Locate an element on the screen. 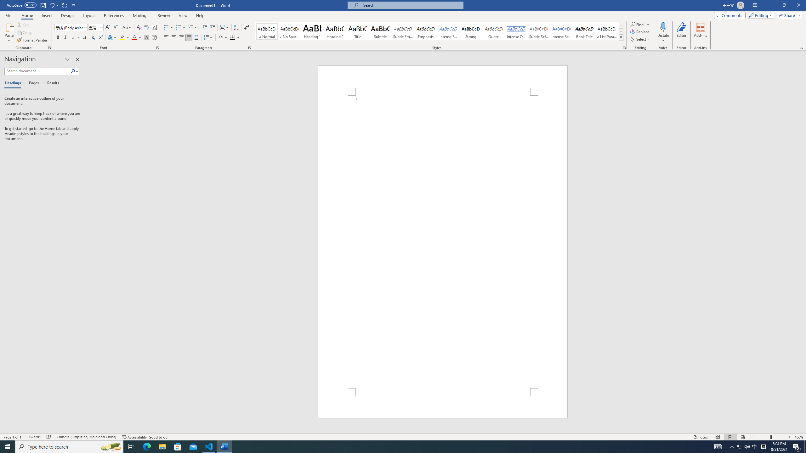 Image resolution: width=806 pixels, height=453 pixels. 'Subtle Emphasis' is located at coordinates (403, 31).